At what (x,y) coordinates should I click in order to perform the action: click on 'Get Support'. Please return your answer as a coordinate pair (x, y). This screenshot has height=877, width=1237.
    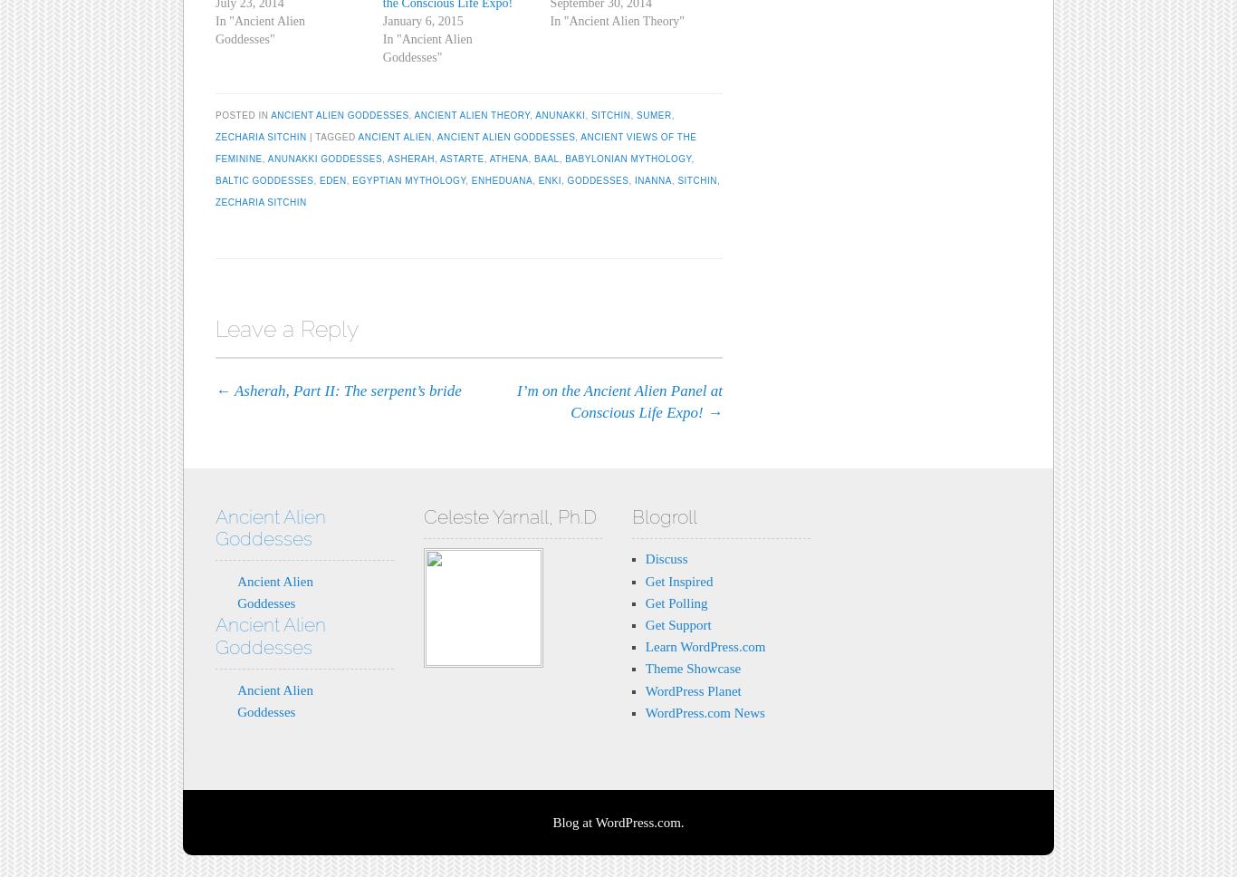
    Looking at the image, I should click on (644, 623).